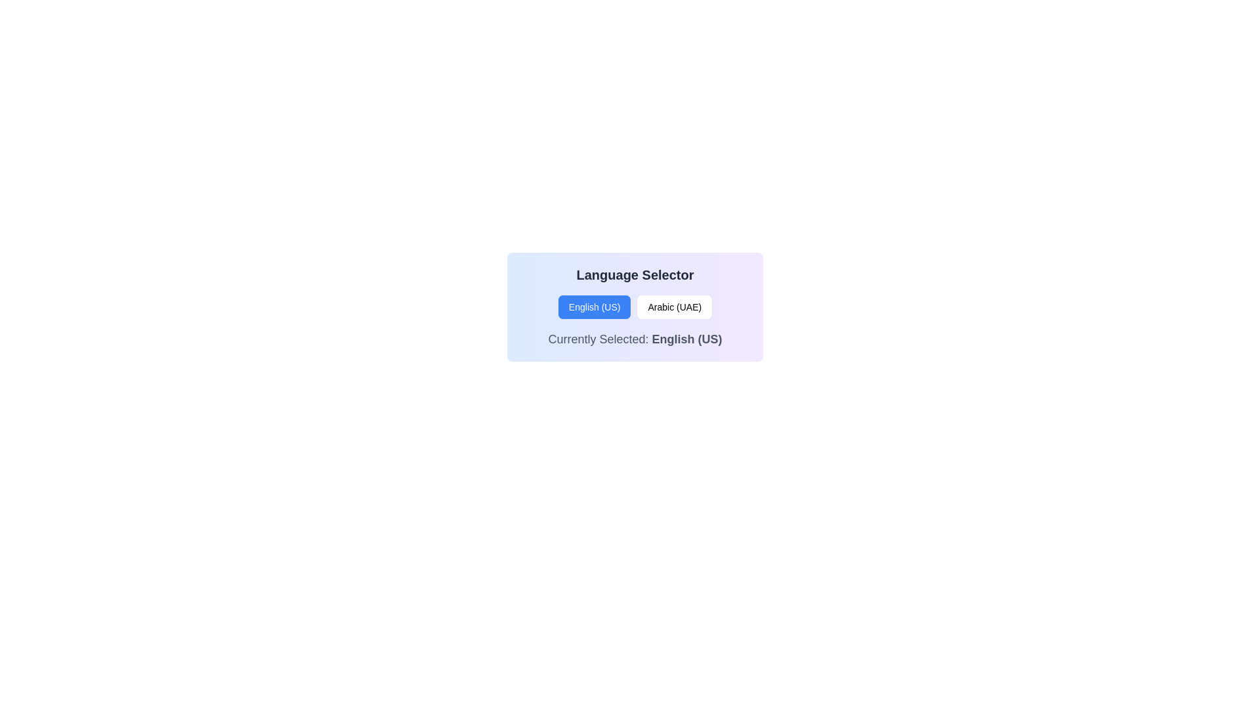  Describe the element at coordinates (635, 338) in the screenshot. I see `text label indicating the currently active language option, which is 'English (US)', positioned at the bottom of the language selector section` at that location.